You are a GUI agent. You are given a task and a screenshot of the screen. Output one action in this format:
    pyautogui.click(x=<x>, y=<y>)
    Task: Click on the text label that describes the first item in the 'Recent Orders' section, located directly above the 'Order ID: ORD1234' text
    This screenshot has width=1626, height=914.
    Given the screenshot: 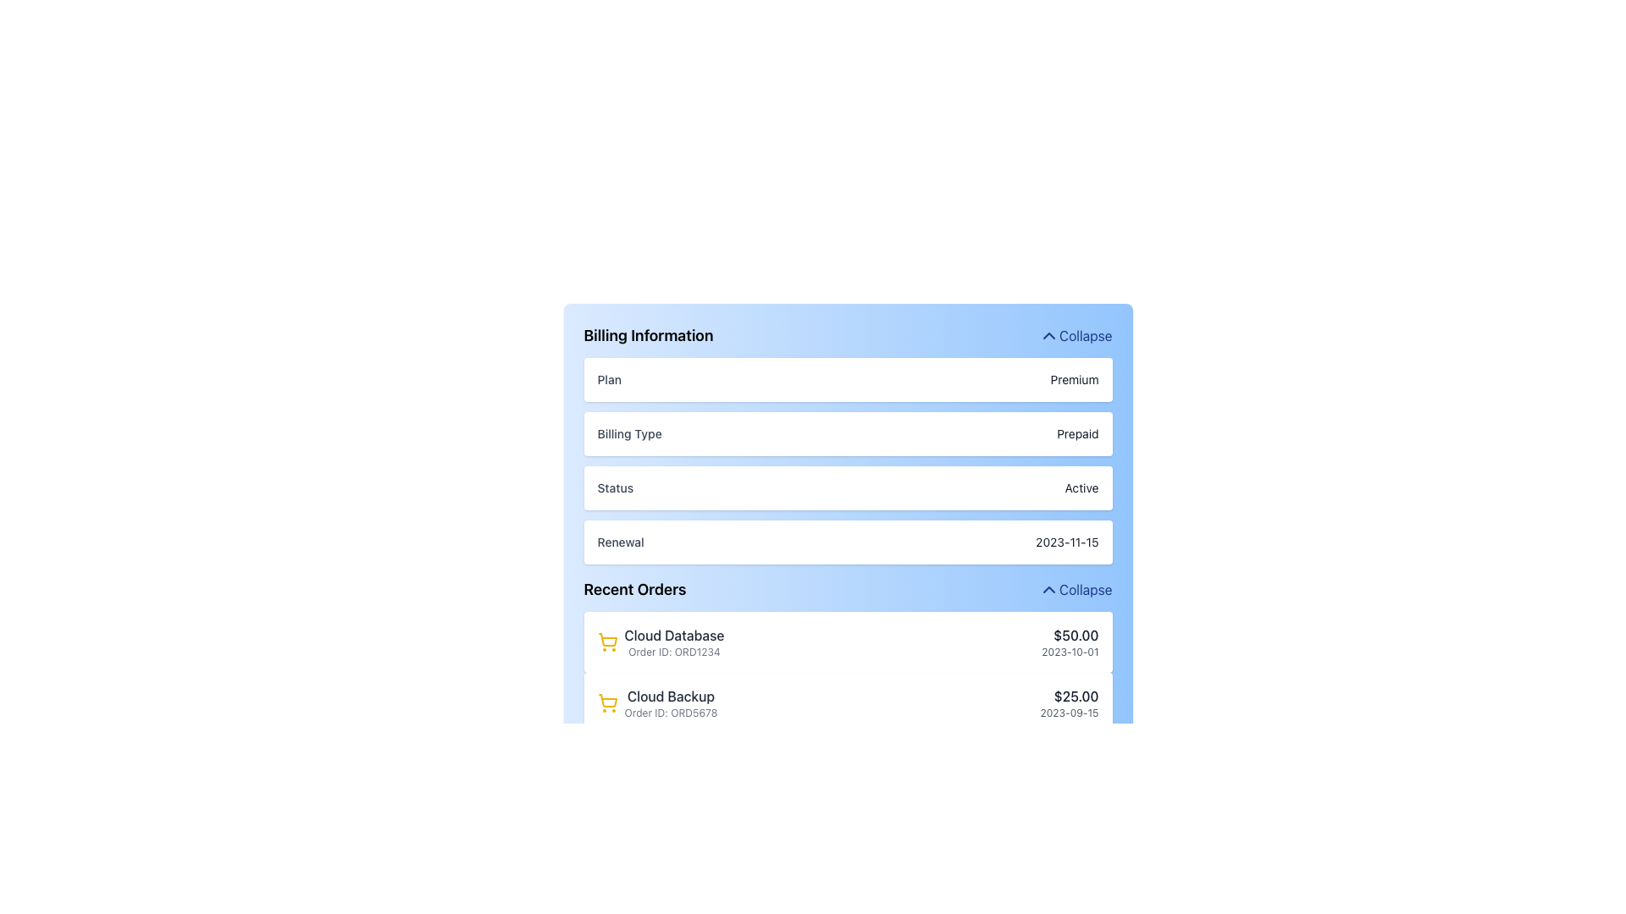 What is the action you would take?
    pyautogui.click(x=673, y=636)
    